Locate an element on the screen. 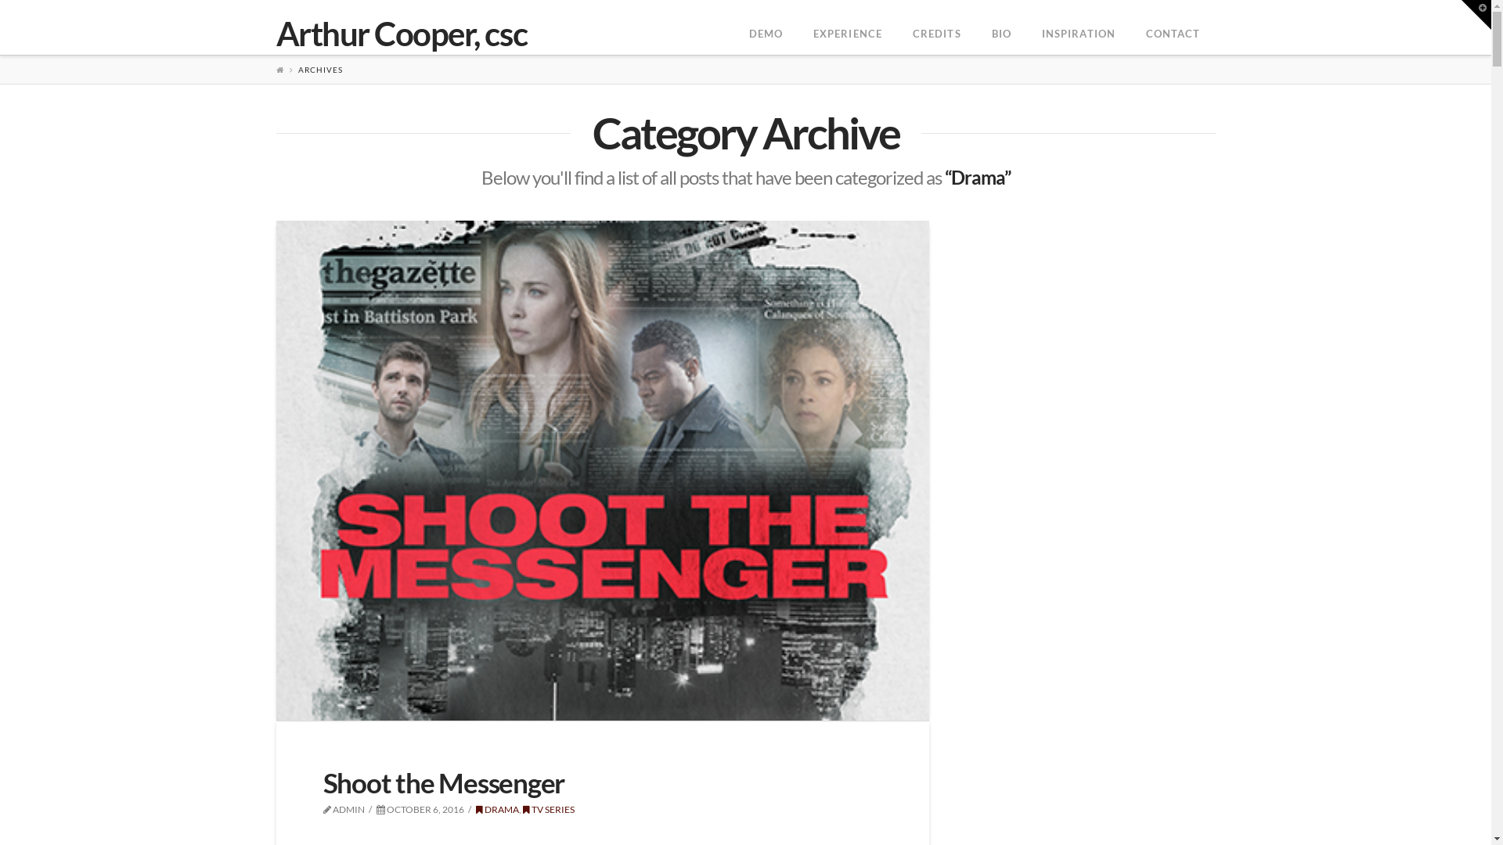 Image resolution: width=1503 pixels, height=845 pixels. 'Toggle the Widgetbar' is located at coordinates (1476, 15).